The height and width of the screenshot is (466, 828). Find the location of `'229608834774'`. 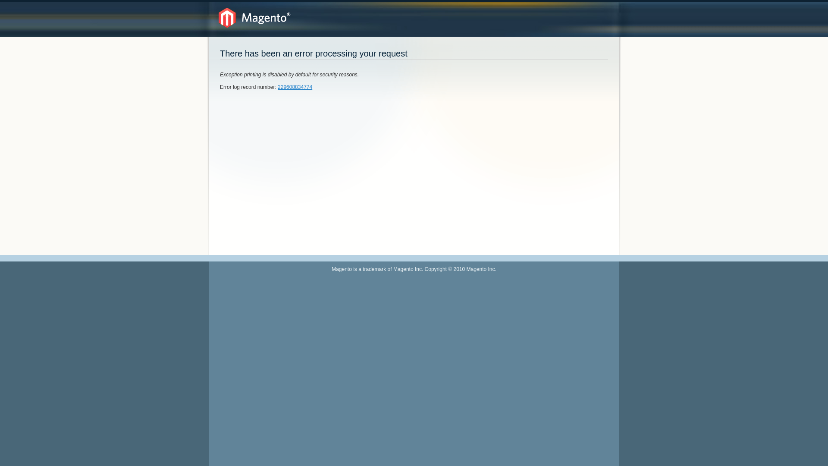

'229608834774' is located at coordinates (295, 87).